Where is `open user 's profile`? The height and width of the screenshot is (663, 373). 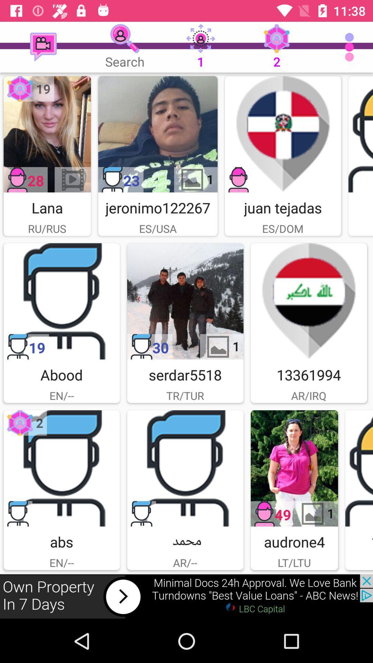 open user 's profile is located at coordinates (360, 134).